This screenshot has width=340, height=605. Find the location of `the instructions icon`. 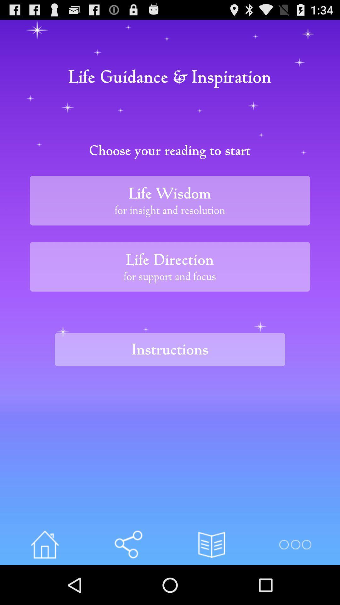

the instructions icon is located at coordinates (170, 349).